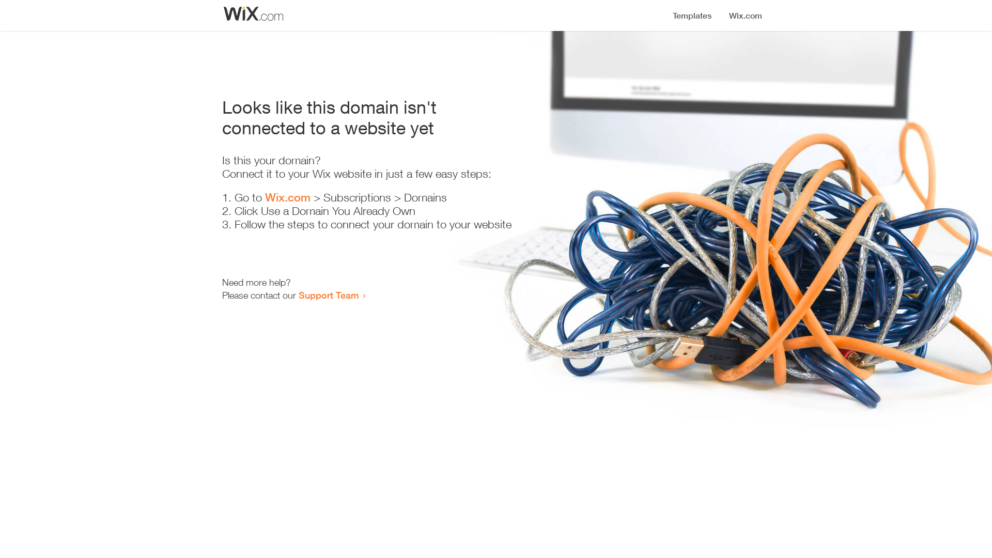 Image resolution: width=992 pixels, height=558 pixels. Describe the element at coordinates (328, 295) in the screenshot. I see `'Support Team'` at that location.